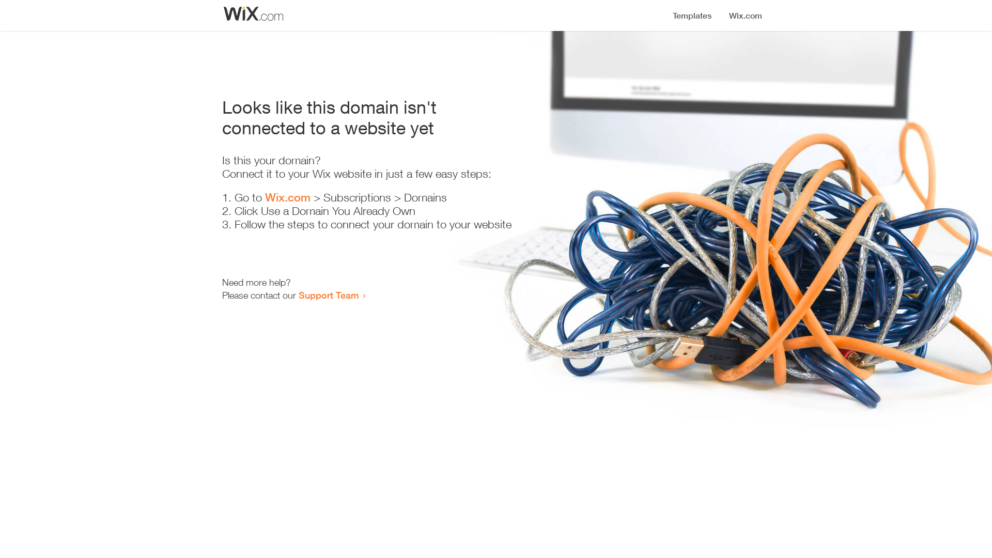 Image resolution: width=992 pixels, height=558 pixels. Describe the element at coordinates (328, 295) in the screenshot. I see `'Support Team'` at that location.